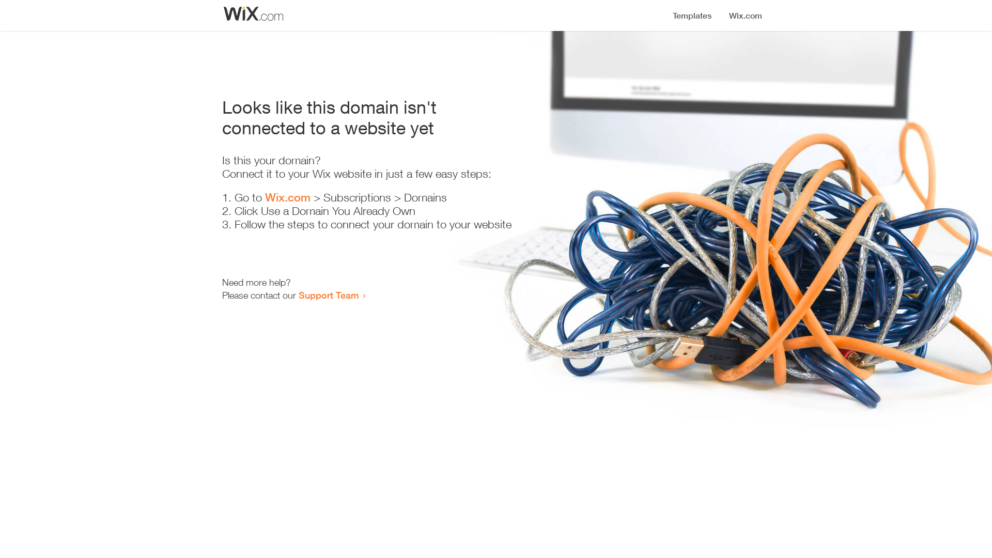 Image resolution: width=992 pixels, height=558 pixels. Describe the element at coordinates (328, 295) in the screenshot. I see `'Support Team'` at that location.